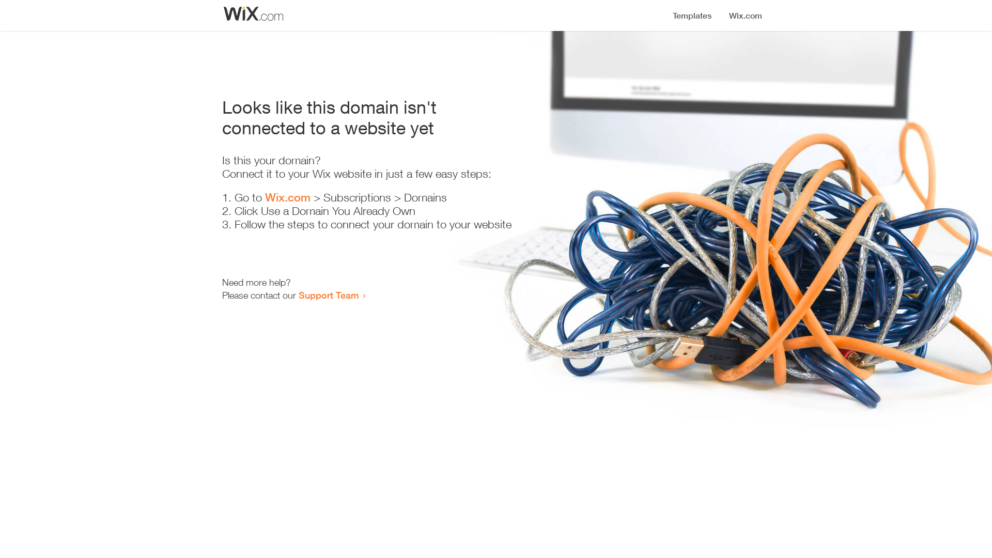 Image resolution: width=992 pixels, height=558 pixels. Describe the element at coordinates (328, 295) in the screenshot. I see `'Support Team'` at that location.